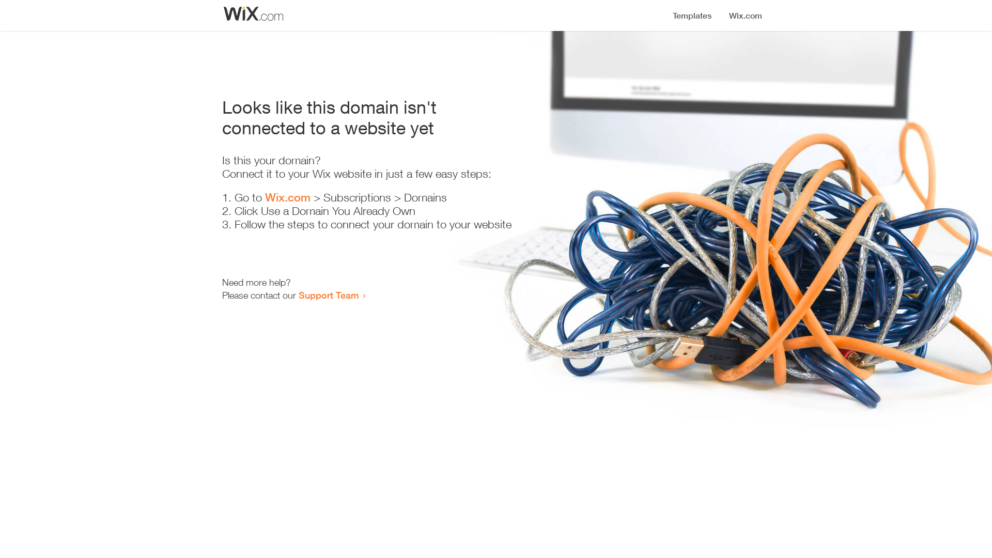 Image resolution: width=992 pixels, height=558 pixels. Describe the element at coordinates (328, 295) in the screenshot. I see `'Support Team'` at that location.